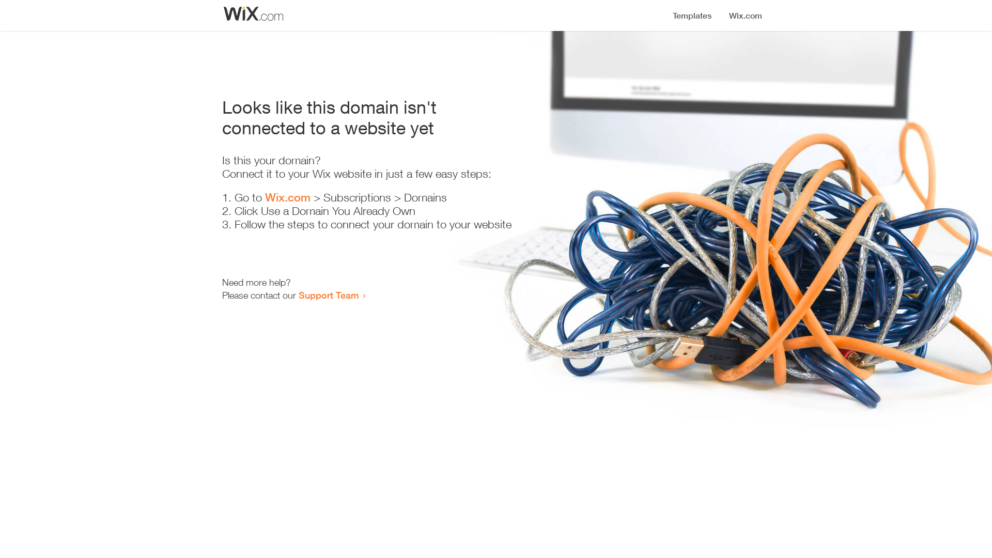 Image resolution: width=992 pixels, height=558 pixels. Describe the element at coordinates (328, 295) in the screenshot. I see `'Support Team'` at that location.